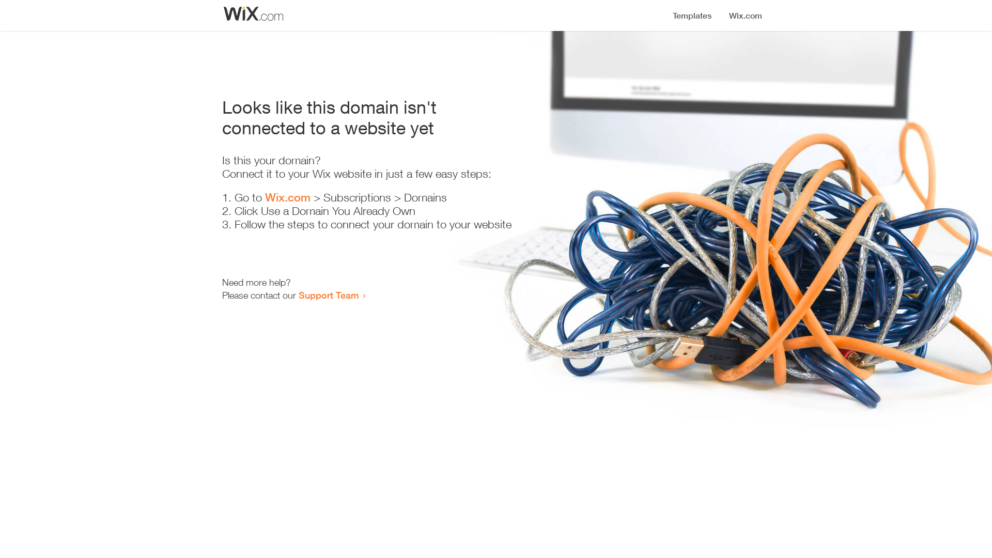 Image resolution: width=992 pixels, height=558 pixels. Describe the element at coordinates (328, 295) in the screenshot. I see `'Support Team'` at that location.